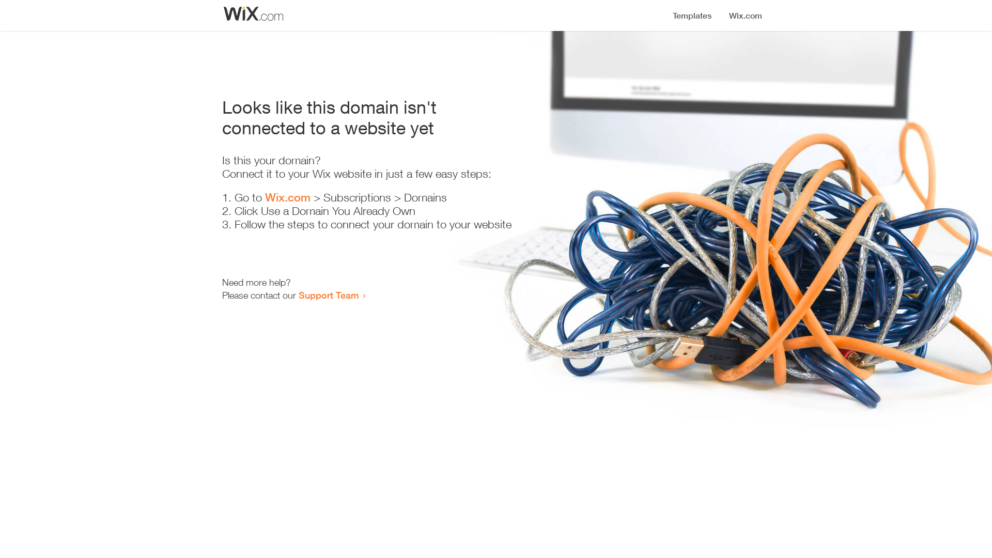 Image resolution: width=992 pixels, height=558 pixels. Describe the element at coordinates (328, 295) in the screenshot. I see `'Support Team'` at that location.